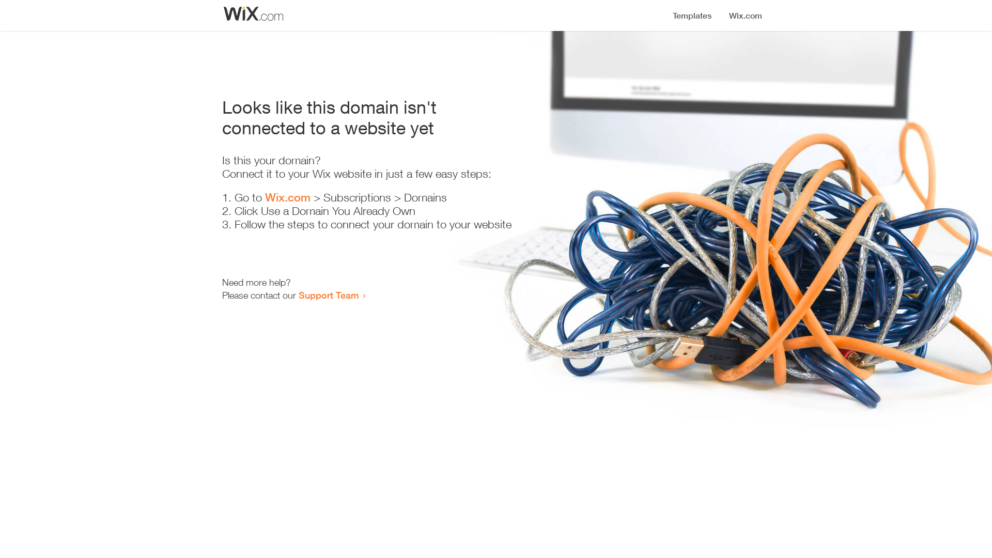 Image resolution: width=992 pixels, height=558 pixels. Describe the element at coordinates (328, 295) in the screenshot. I see `'Support Team'` at that location.